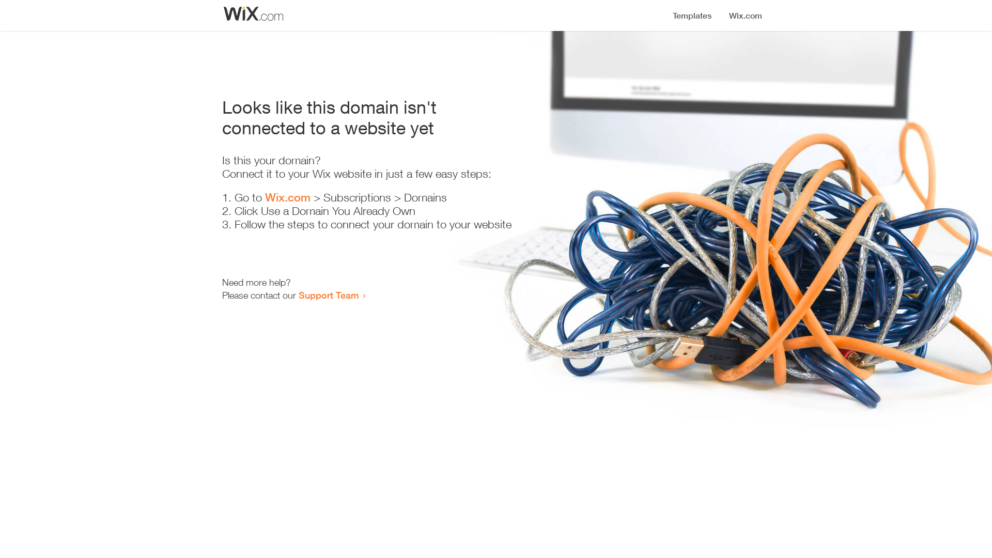 Image resolution: width=992 pixels, height=558 pixels. Describe the element at coordinates (328, 295) in the screenshot. I see `'Support Team'` at that location.